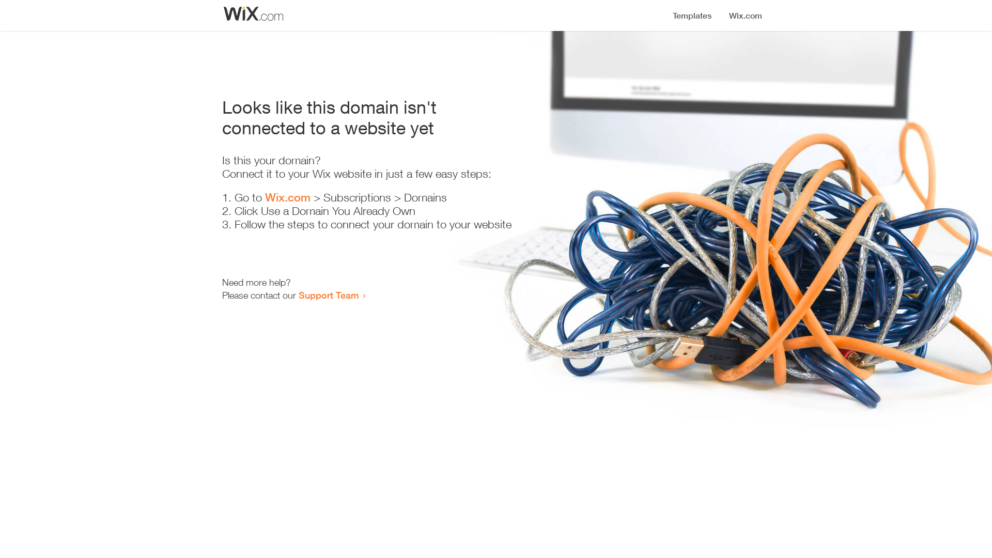 Image resolution: width=992 pixels, height=558 pixels. Describe the element at coordinates (328, 295) in the screenshot. I see `'Support Team'` at that location.